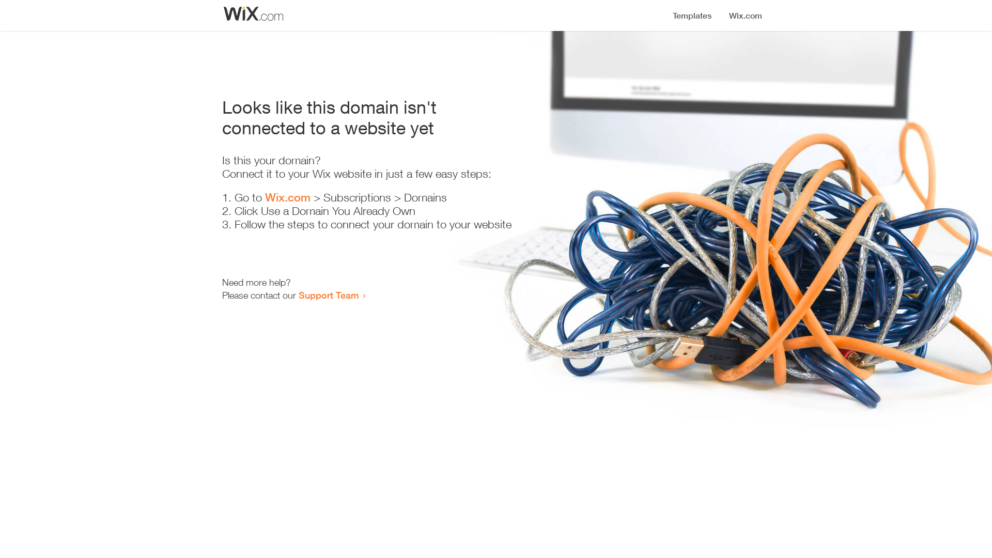 Image resolution: width=992 pixels, height=558 pixels. Describe the element at coordinates (328, 295) in the screenshot. I see `'Support Team'` at that location.